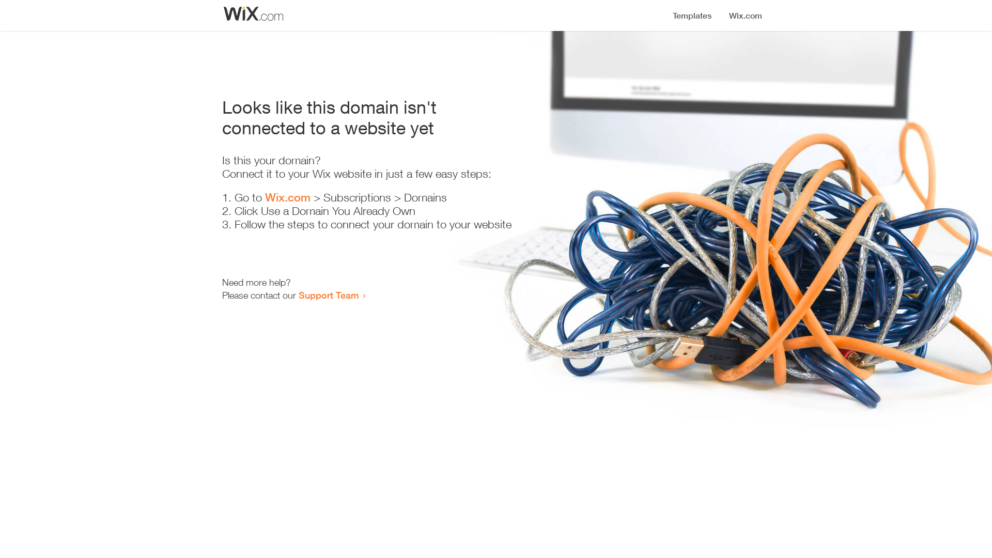 Image resolution: width=992 pixels, height=558 pixels. Describe the element at coordinates (328, 295) in the screenshot. I see `'Support Team'` at that location.